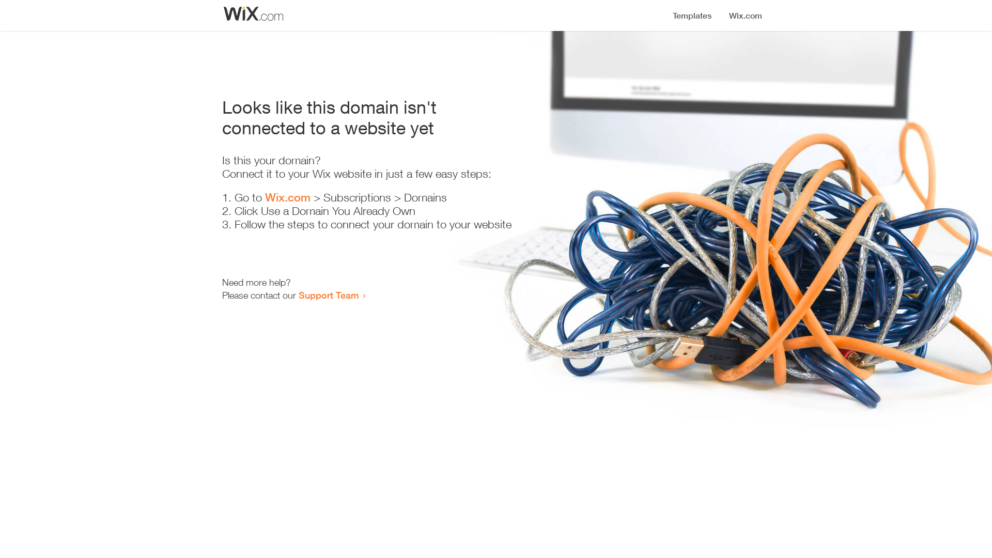 Image resolution: width=992 pixels, height=558 pixels. Describe the element at coordinates (328, 295) in the screenshot. I see `'Support Team'` at that location.